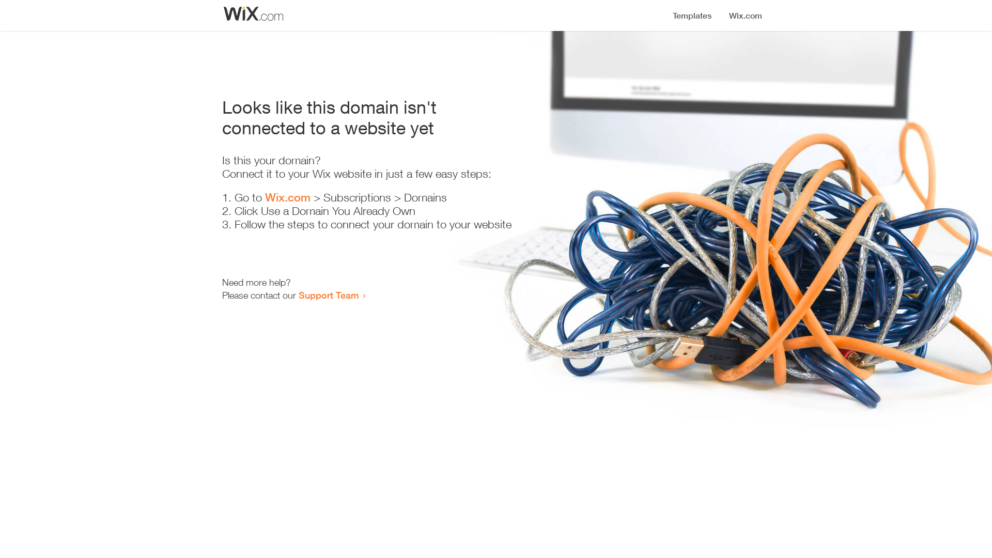 Image resolution: width=992 pixels, height=558 pixels. Describe the element at coordinates (328, 295) in the screenshot. I see `'Support Team'` at that location.